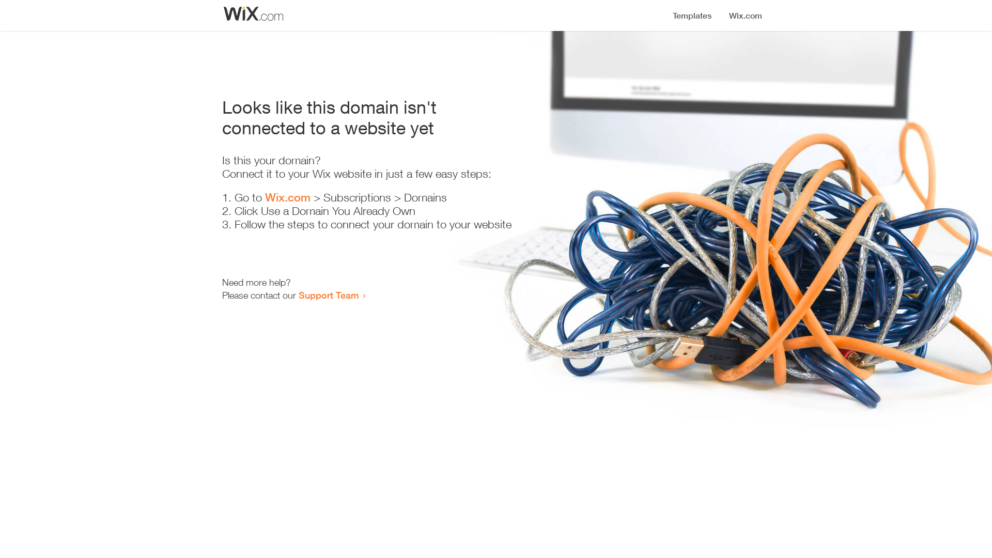 Image resolution: width=992 pixels, height=558 pixels. Describe the element at coordinates (328, 295) in the screenshot. I see `'Support Team'` at that location.